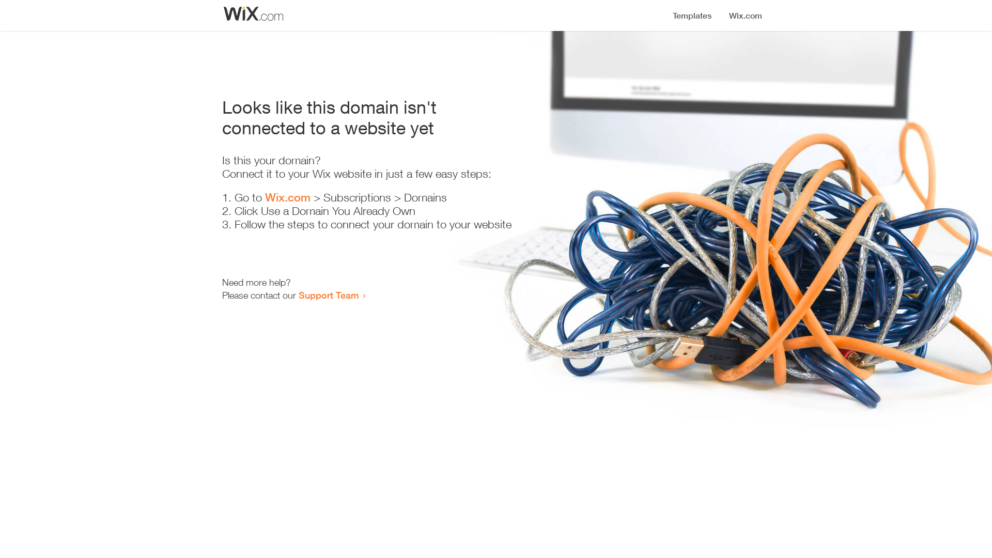 Image resolution: width=992 pixels, height=558 pixels. Describe the element at coordinates (328, 295) in the screenshot. I see `'Support Team'` at that location.